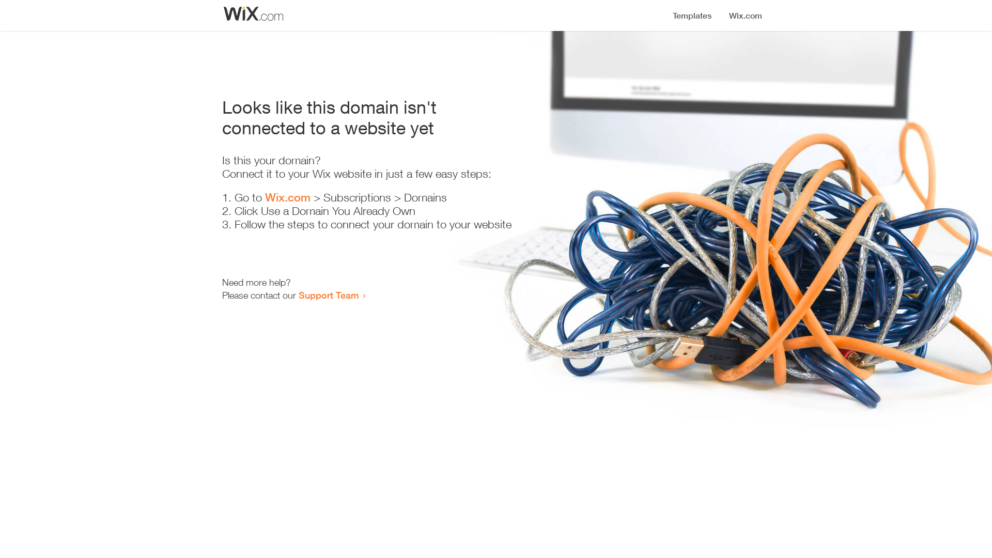 Image resolution: width=992 pixels, height=558 pixels. Describe the element at coordinates (328, 295) in the screenshot. I see `'Support Team'` at that location.